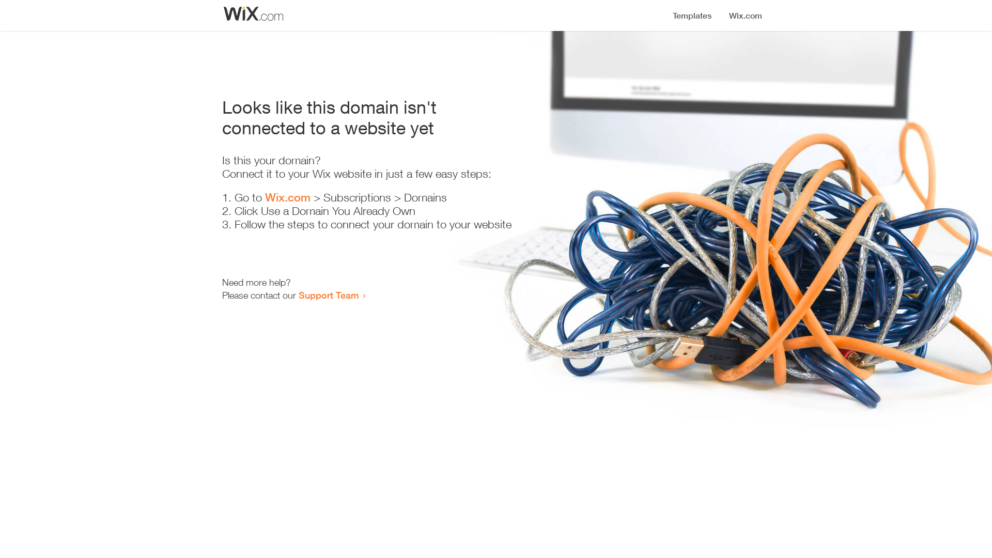 Image resolution: width=992 pixels, height=558 pixels. Describe the element at coordinates (328, 295) in the screenshot. I see `'Support Team'` at that location.